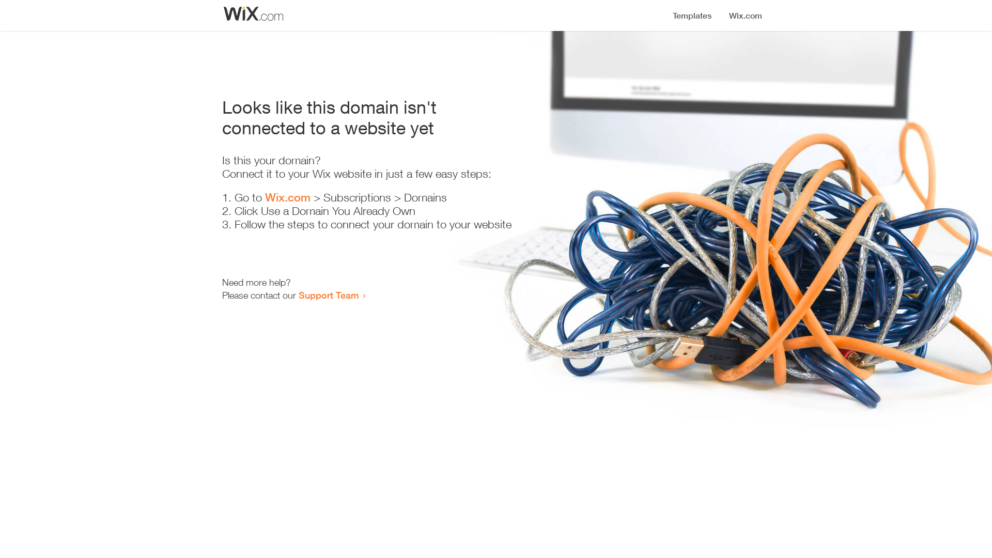 Image resolution: width=992 pixels, height=558 pixels. Describe the element at coordinates (328, 295) in the screenshot. I see `'Support Team'` at that location.